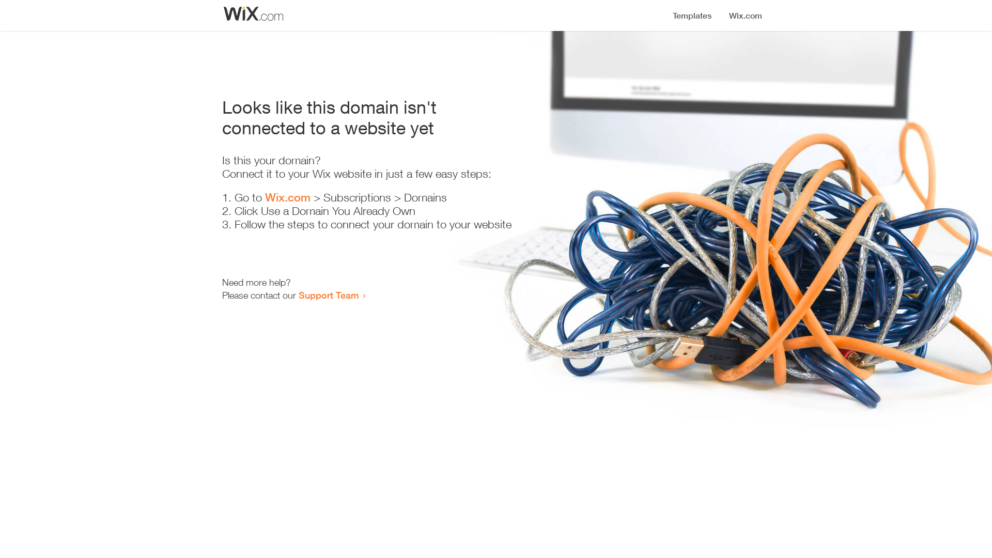 Image resolution: width=992 pixels, height=558 pixels. Describe the element at coordinates (328, 295) in the screenshot. I see `'Support Team'` at that location.